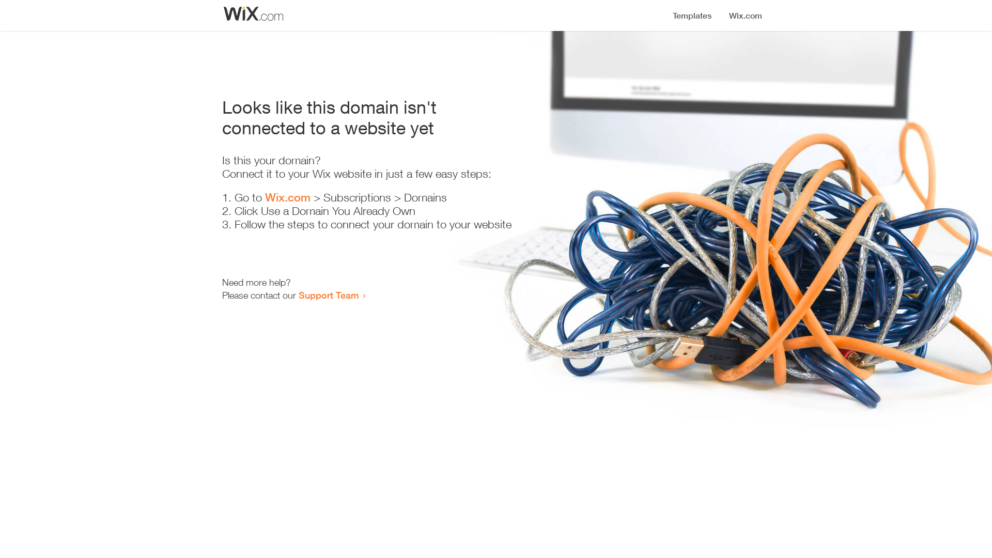 Image resolution: width=992 pixels, height=558 pixels. Describe the element at coordinates (328, 295) in the screenshot. I see `'Support Team'` at that location.